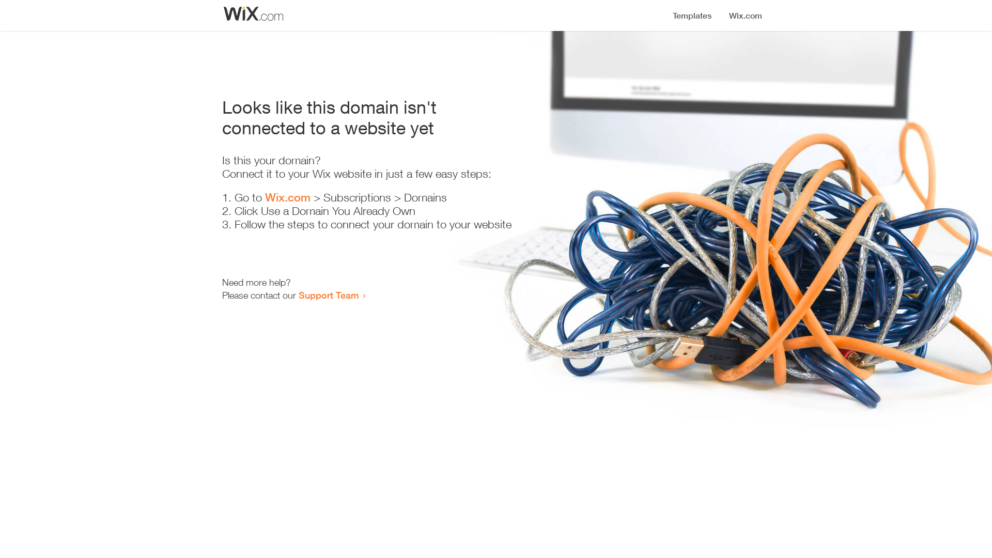 Image resolution: width=992 pixels, height=558 pixels. Describe the element at coordinates (328, 295) in the screenshot. I see `'Support Team'` at that location.